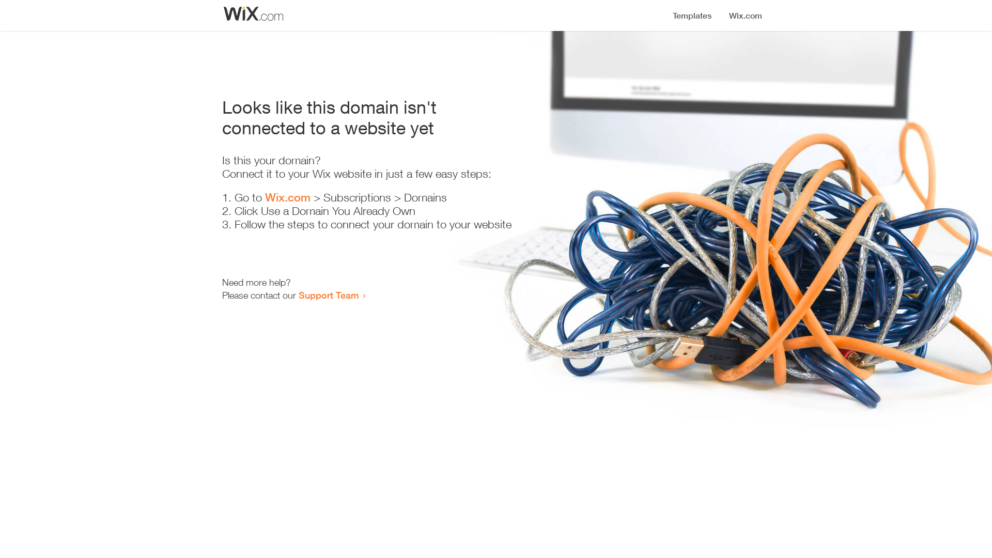 Image resolution: width=992 pixels, height=558 pixels. Describe the element at coordinates (328, 295) in the screenshot. I see `'Support Team'` at that location.